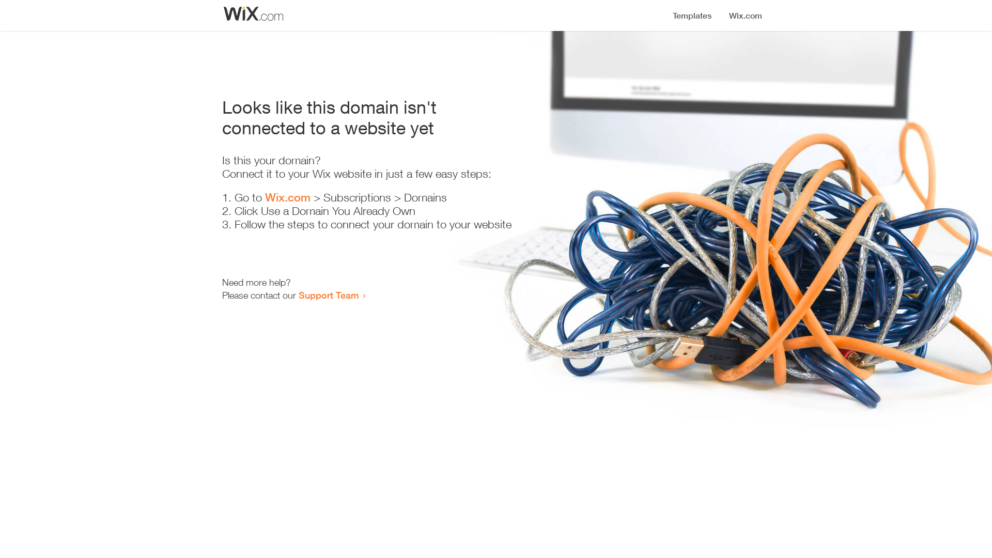 Image resolution: width=992 pixels, height=558 pixels. Describe the element at coordinates (328, 295) in the screenshot. I see `'Support Team'` at that location.